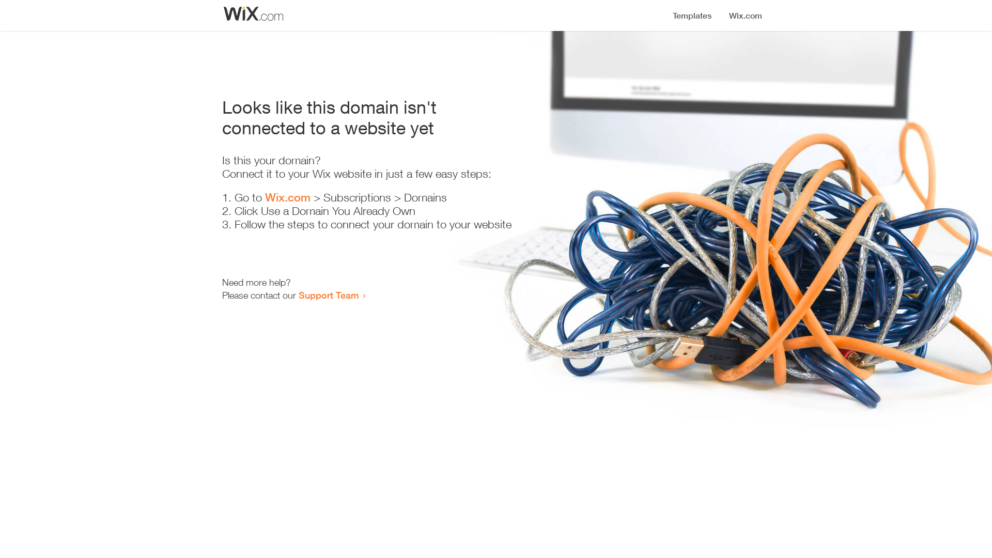 Image resolution: width=992 pixels, height=558 pixels. Describe the element at coordinates (328, 295) in the screenshot. I see `'Support Team'` at that location.